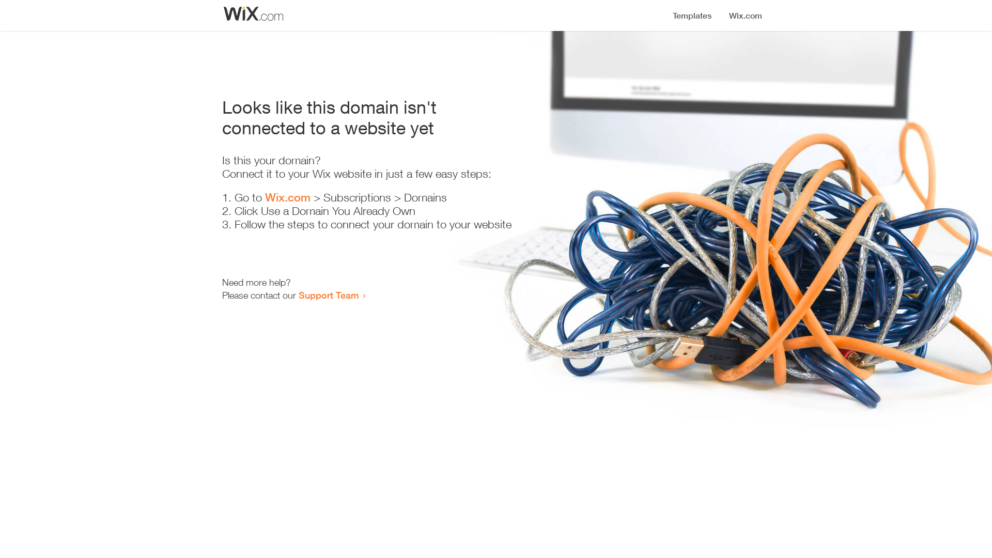 Image resolution: width=992 pixels, height=558 pixels. Describe the element at coordinates (328, 295) in the screenshot. I see `'Support Team'` at that location.